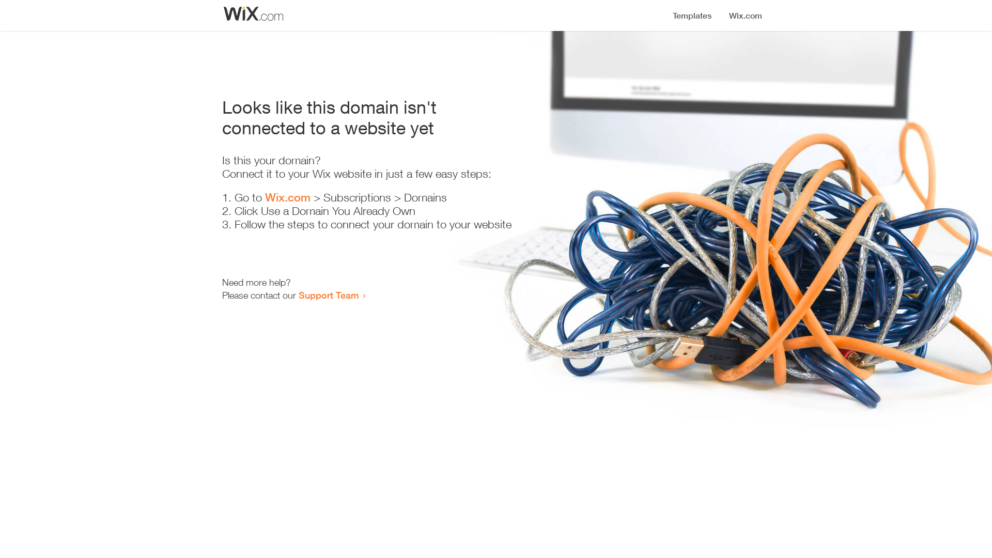 Image resolution: width=992 pixels, height=558 pixels. Describe the element at coordinates (328, 295) in the screenshot. I see `'Support Team'` at that location.